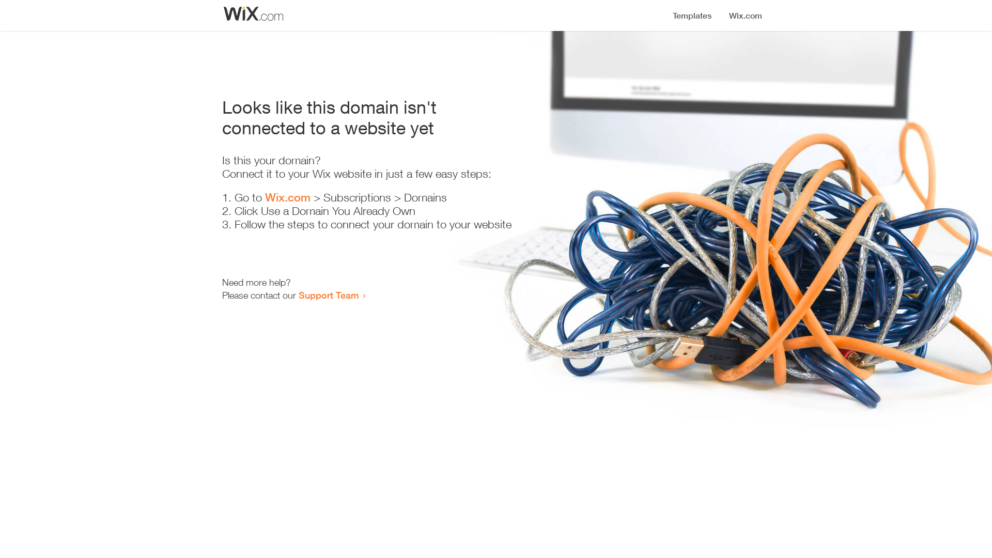 Image resolution: width=992 pixels, height=558 pixels. Describe the element at coordinates (328, 295) in the screenshot. I see `'Support Team'` at that location.